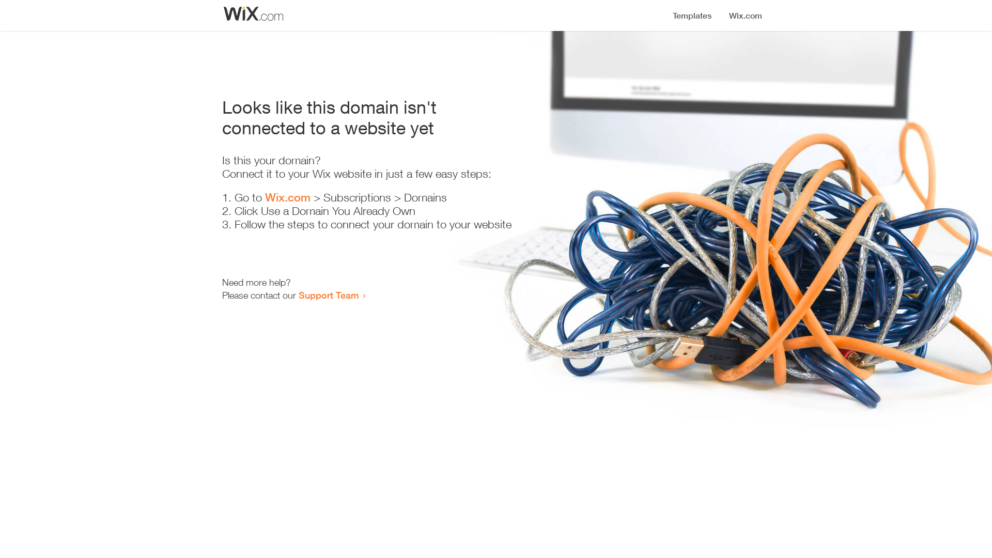 Image resolution: width=992 pixels, height=558 pixels. Describe the element at coordinates (328, 295) in the screenshot. I see `'Support Team'` at that location.